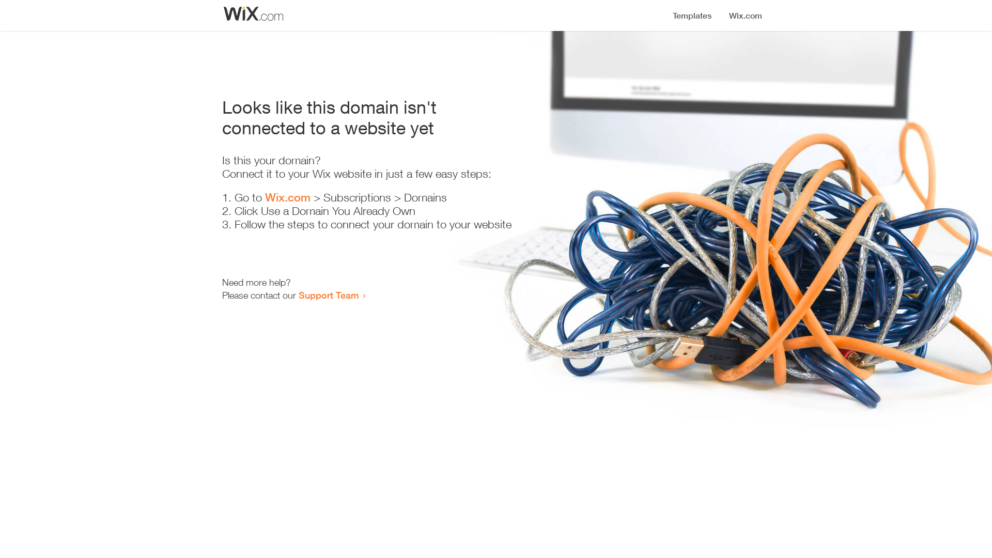 Image resolution: width=992 pixels, height=558 pixels. Describe the element at coordinates (328, 295) in the screenshot. I see `'Support Team'` at that location.